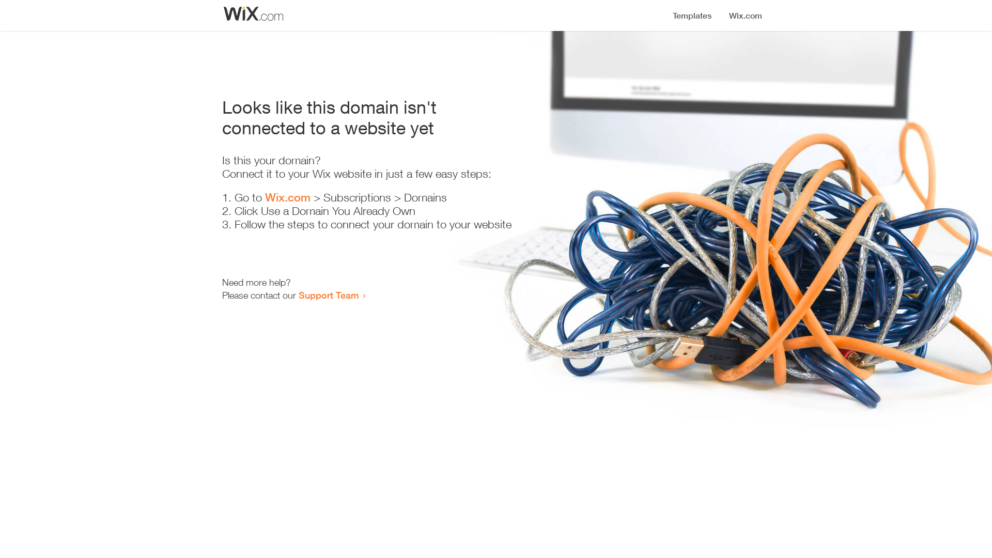 Image resolution: width=992 pixels, height=558 pixels. Describe the element at coordinates (328, 295) in the screenshot. I see `'Support Team'` at that location.